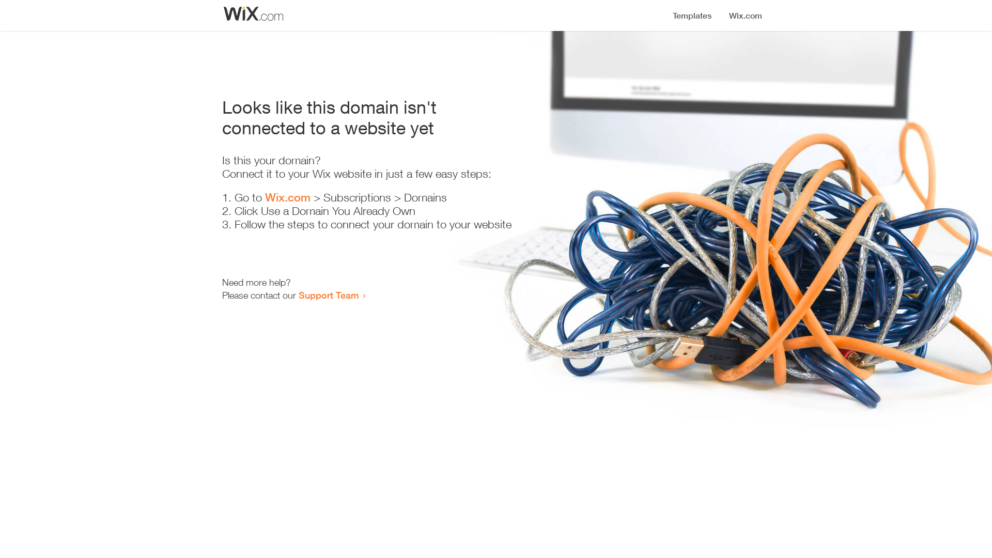 Image resolution: width=992 pixels, height=558 pixels. Describe the element at coordinates (328, 295) in the screenshot. I see `'Support Team'` at that location.